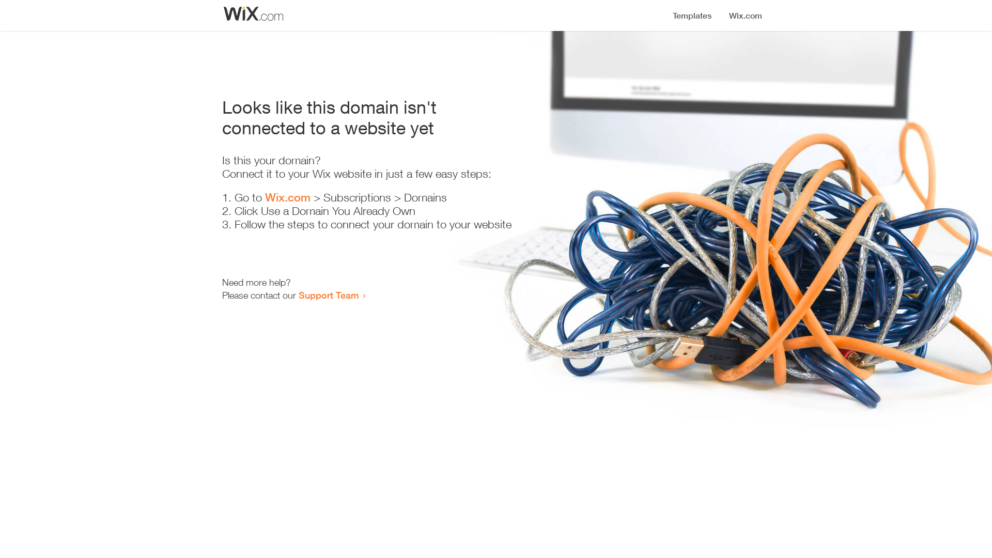 Image resolution: width=992 pixels, height=558 pixels. Describe the element at coordinates (328, 295) in the screenshot. I see `'Support Team'` at that location.